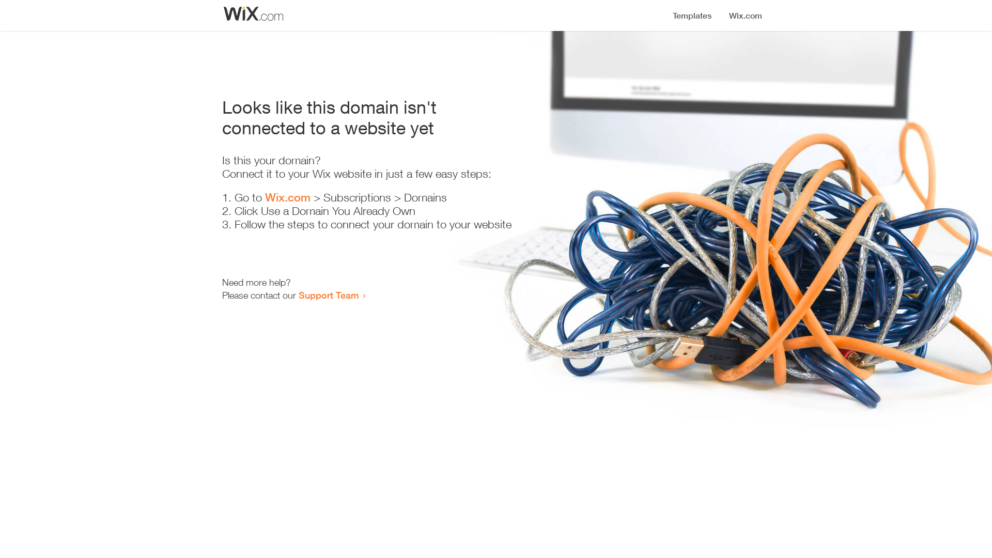 Image resolution: width=992 pixels, height=558 pixels. Describe the element at coordinates (328, 295) in the screenshot. I see `'Support Team'` at that location.